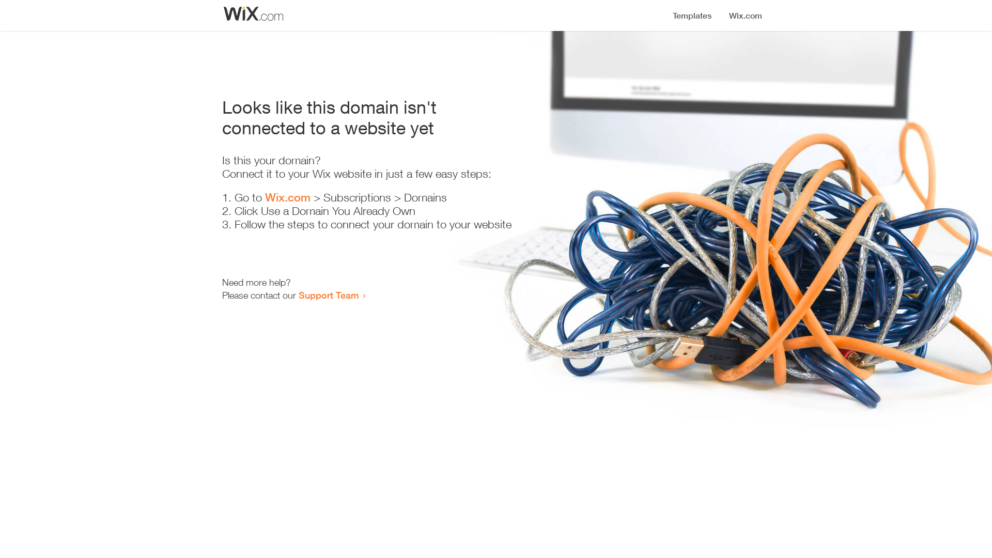 Image resolution: width=992 pixels, height=558 pixels. Describe the element at coordinates (328, 295) in the screenshot. I see `'Support Team'` at that location.